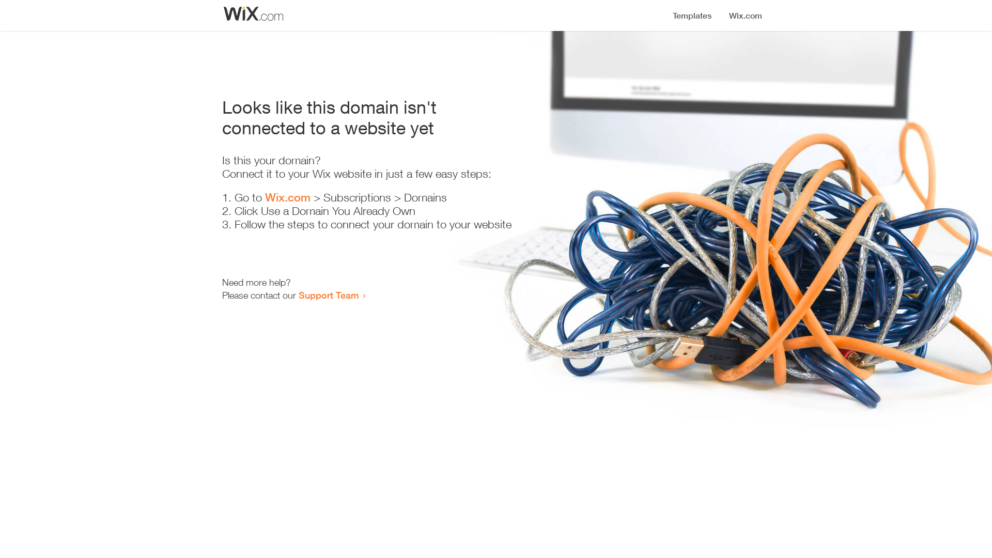 Image resolution: width=992 pixels, height=558 pixels. Describe the element at coordinates (328, 295) in the screenshot. I see `'Support Team'` at that location.